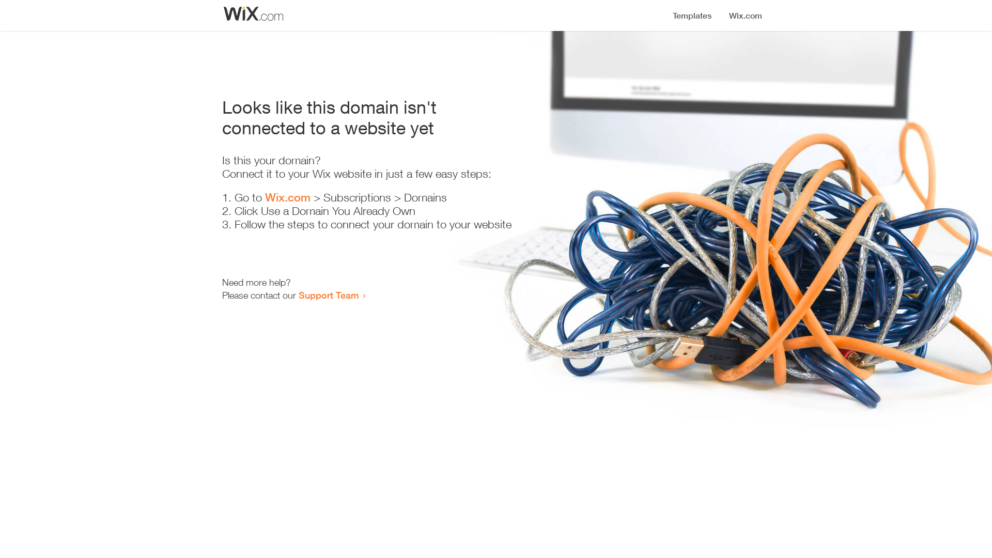 Image resolution: width=992 pixels, height=558 pixels. Describe the element at coordinates (328, 295) in the screenshot. I see `'Support Team'` at that location.